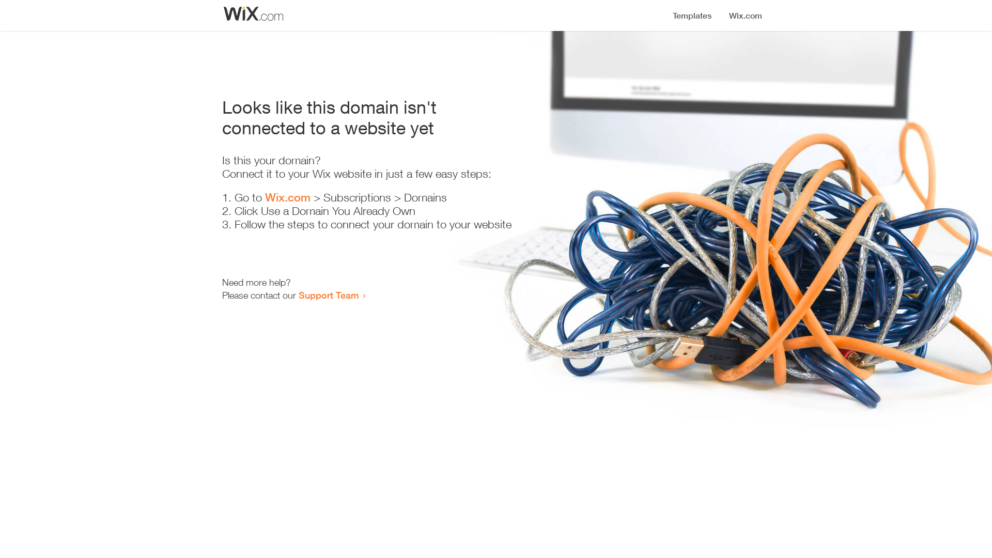 Image resolution: width=992 pixels, height=558 pixels. Describe the element at coordinates (328, 295) in the screenshot. I see `'Support Team'` at that location.